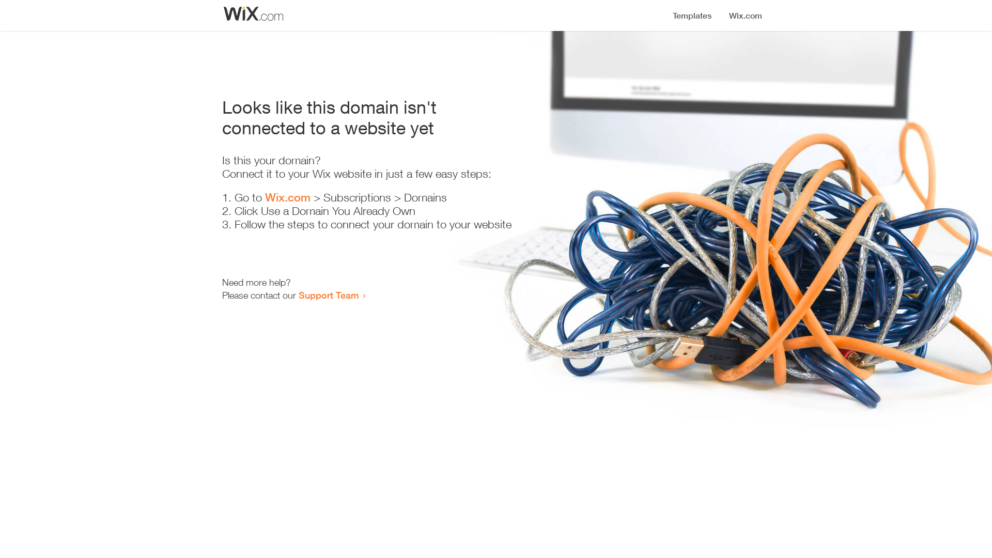 Image resolution: width=992 pixels, height=558 pixels. Describe the element at coordinates (328, 295) in the screenshot. I see `'Support Team'` at that location.